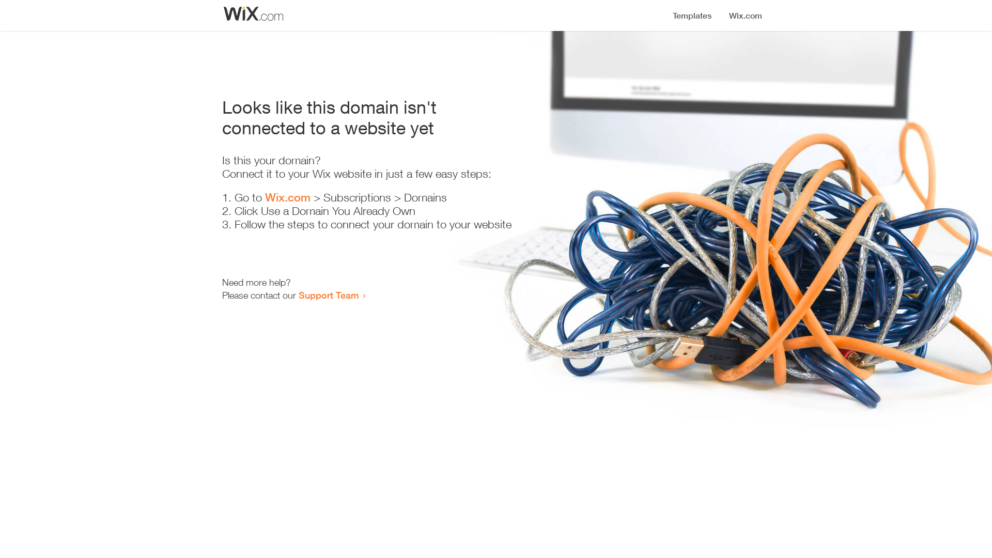 Image resolution: width=992 pixels, height=558 pixels. Describe the element at coordinates (328, 295) in the screenshot. I see `'Support Team'` at that location.